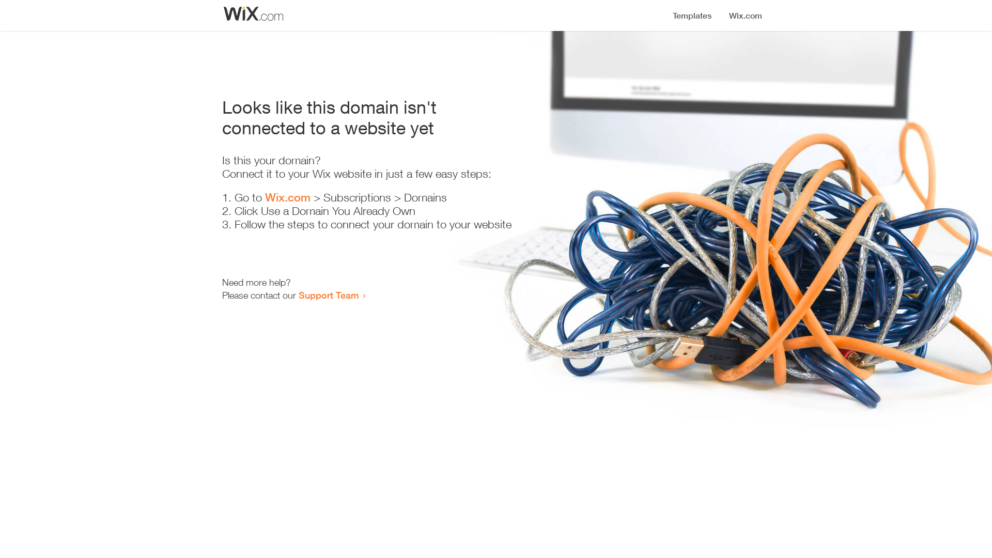 Image resolution: width=992 pixels, height=558 pixels. Describe the element at coordinates (328, 295) in the screenshot. I see `'Support Team'` at that location.